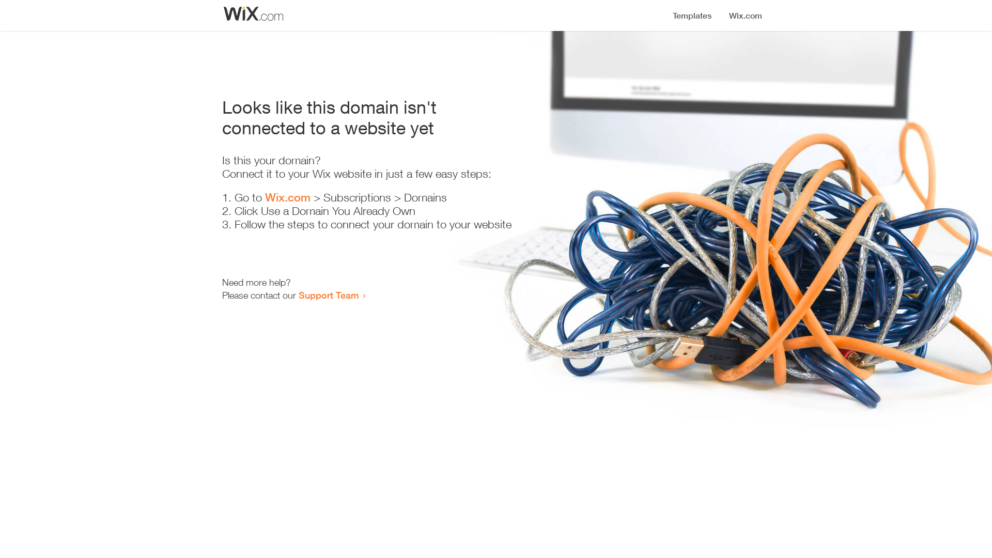 Image resolution: width=992 pixels, height=558 pixels. Describe the element at coordinates (328, 295) in the screenshot. I see `'Support Team'` at that location.